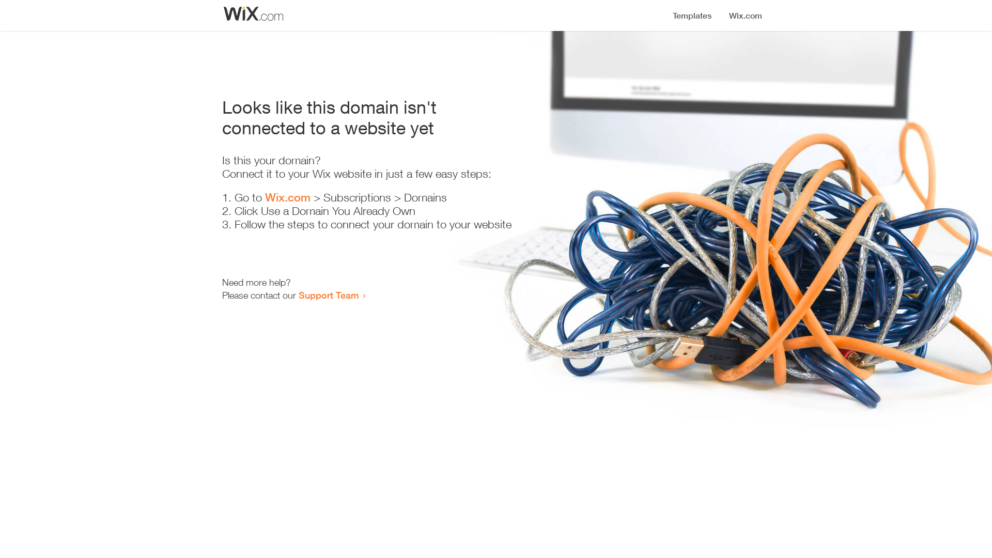 Image resolution: width=992 pixels, height=558 pixels. Describe the element at coordinates (328, 295) in the screenshot. I see `'Support Team'` at that location.